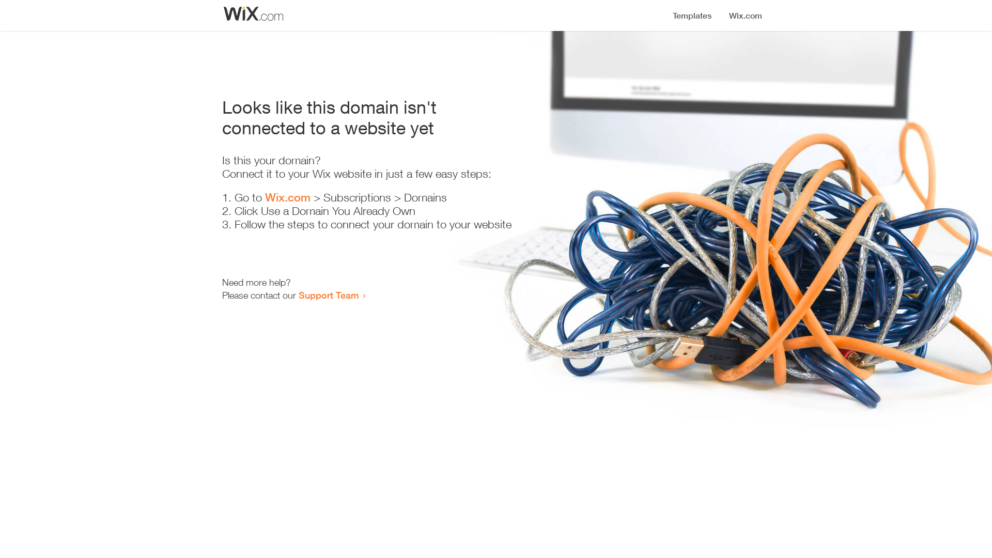 Image resolution: width=992 pixels, height=558 pixels. Describe the element at coordinates (328, 295) in the screenshot. I see `'Support Team'` at that location.